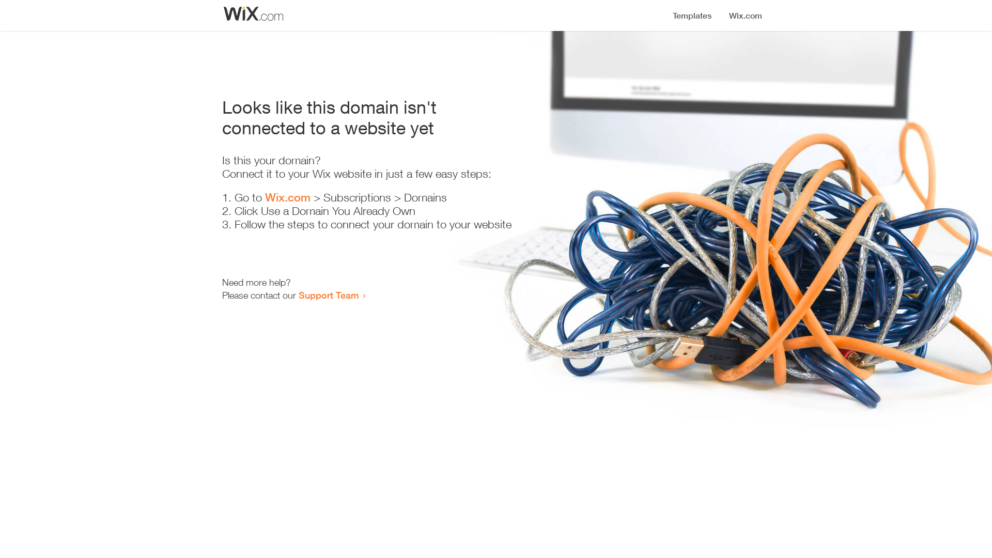 Image resolution: width=992 pixels, height=558 pixels. Describe the element at coordinates (328, 295) in the screenshot. I see `'Support Team'` at that location.